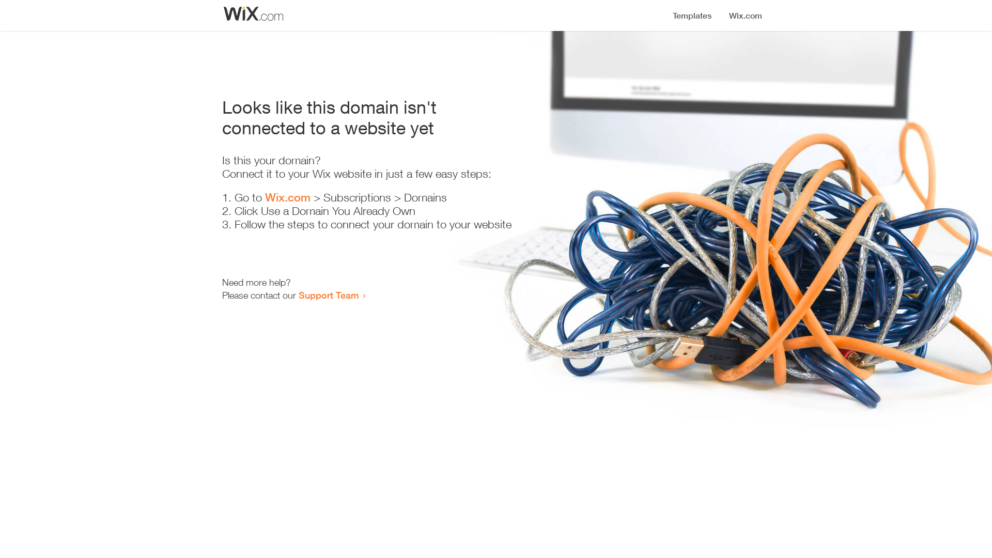 Image resolution: width=992 pixels, height=558 pixels. Describe the element at coordinates (328, 295) in the screenshot. I see `'Support Team'` at that location.